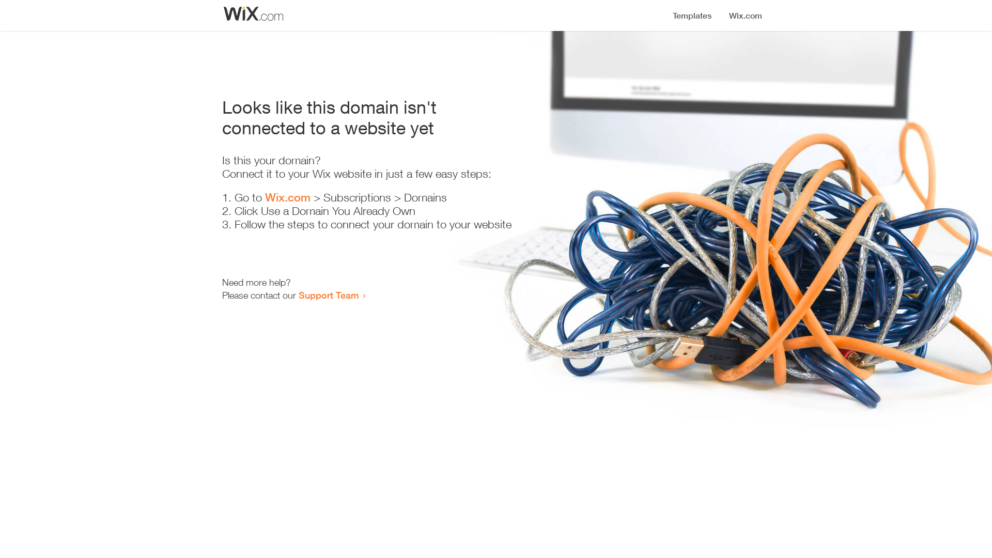 Image resolution: width=992 pixels, height=558 pixels. Describe the element at coordinates (328, 295) in the screenshot. I see `'Support Team'` at that location.